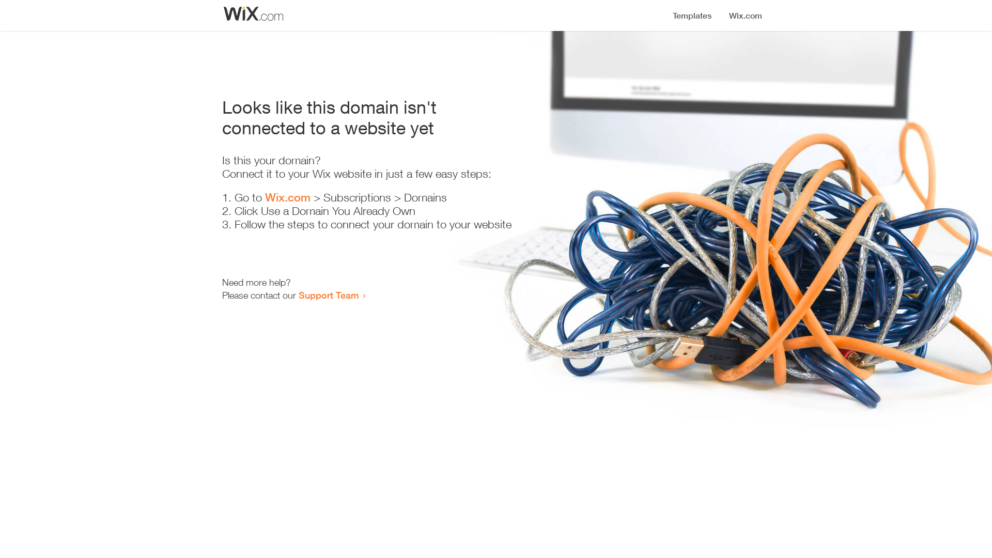 Image resolution: width=992 pixels, height=558 pixels. Describe the element at coordinates (328, 295) in the screenshot. I see `'Support Team'` at that location.